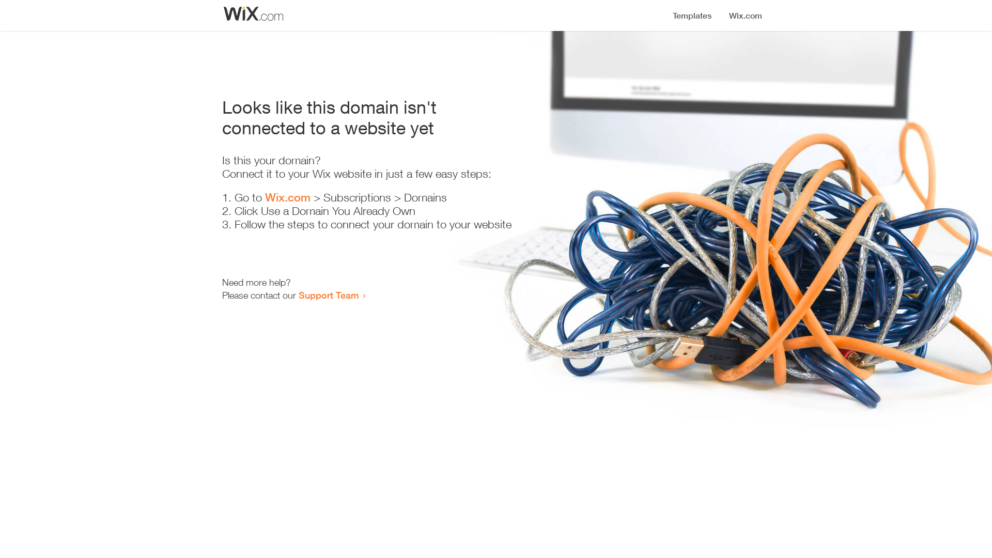 Image resolution: width=992 pixels, height=558 pixels. Describe the element at coordinates (328, 295) in the screenshot. I see `'Support Team'` at that location.